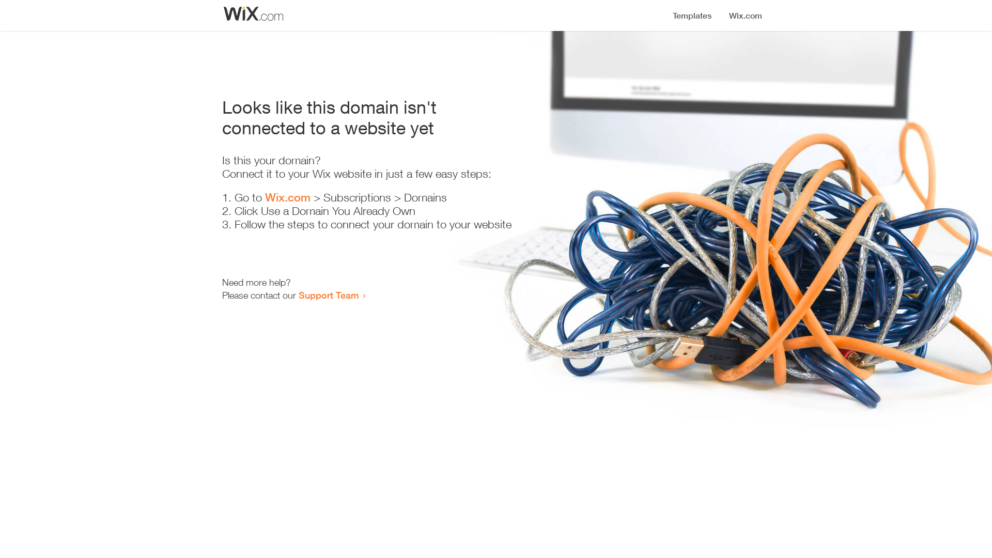 Image resolution: width=992 pixels, height=558 pixels. Describe the element at coordinates (328, 295) in the screenshot. I see `'Support Team'` at that location.